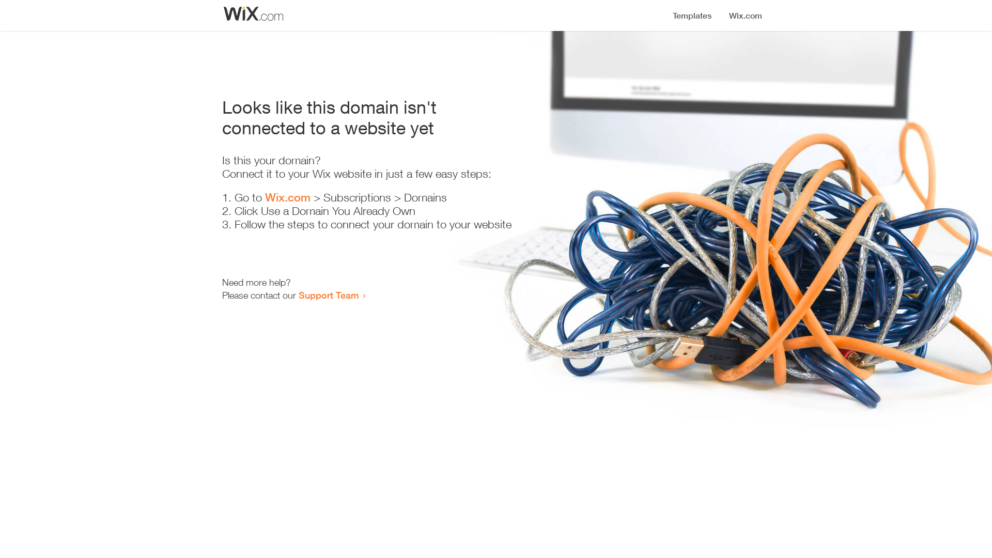 Image resolution: width=992 pixels, height=558 pixels. Describe the element at coordinates (328, 295) in the screenshot. I see `'Support Team'` at that location.